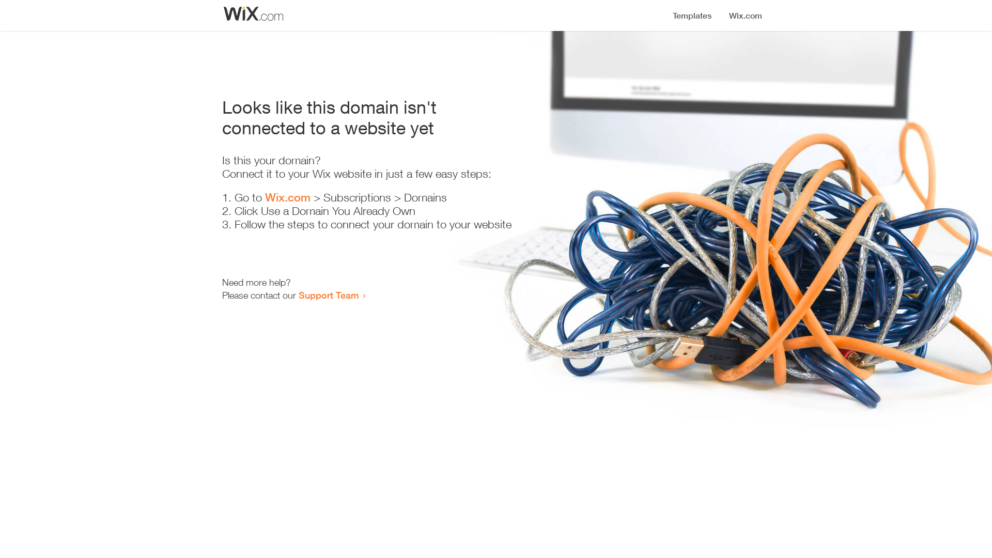 Image resolution: width=992 pixels, height=558 pixels. Describe the element at coordinates (328, 295) in the screenshot. I see `'Support Team'` at that location.